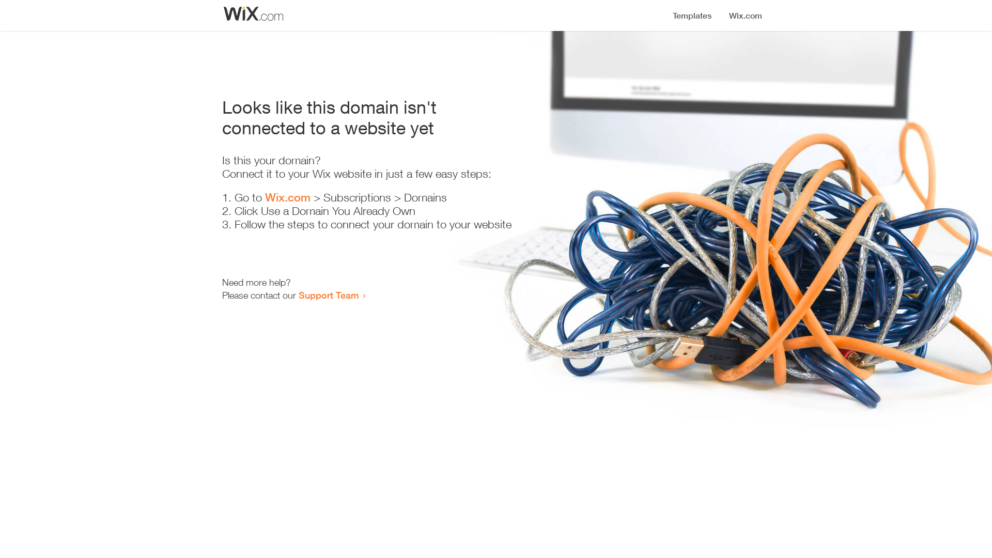 Image resolution: width=992 pixels, height=558 pixels. Describe the element at coordinates (328, 295) in the screenshot. I see `'Support Team'` at that location.